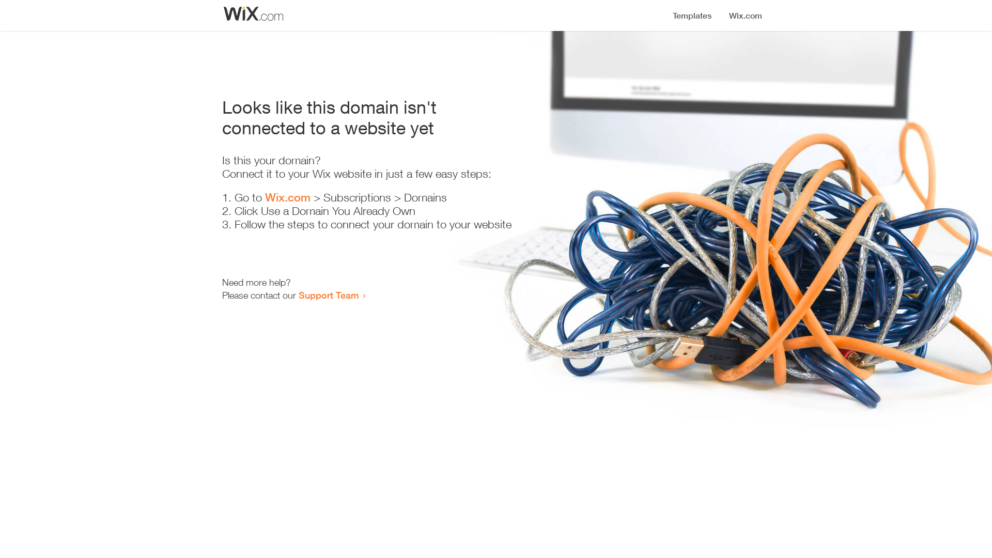 Image resolution: width=992 pixels, height=558 pixels. Describe the element at coordinates (328, 295) in the screenshot. I see `'Support Team'` at that location.